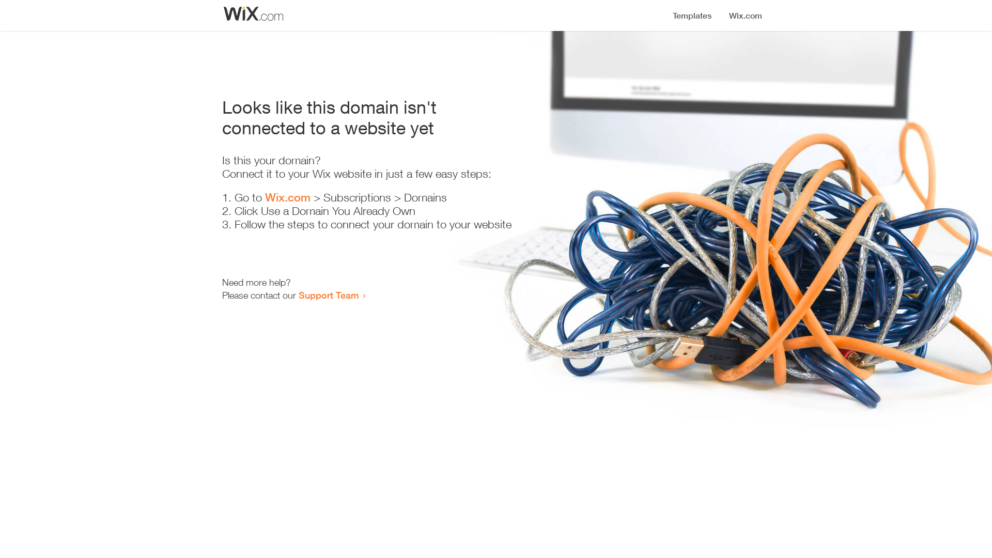 Image resolution: width=992 pixels, height=558 pixels. Describe the element at coordinates (328, 295) in the screenshot. I see `'Support Team'` at that location.